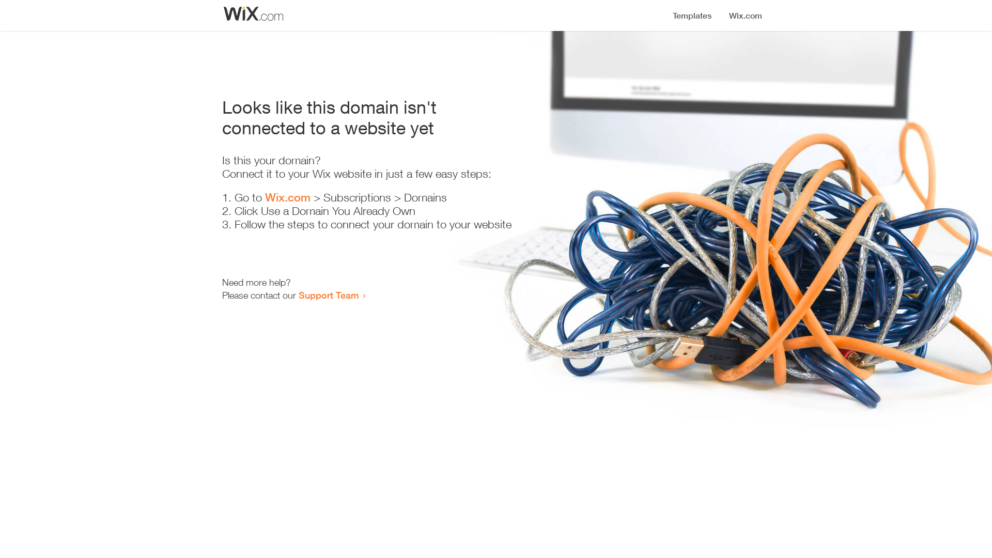 Image resolution: width=992 pixels, height=558 pixels. Describe the element at coordinates (328, 295) in the screenshot. I see `'Support Team'` at that location.